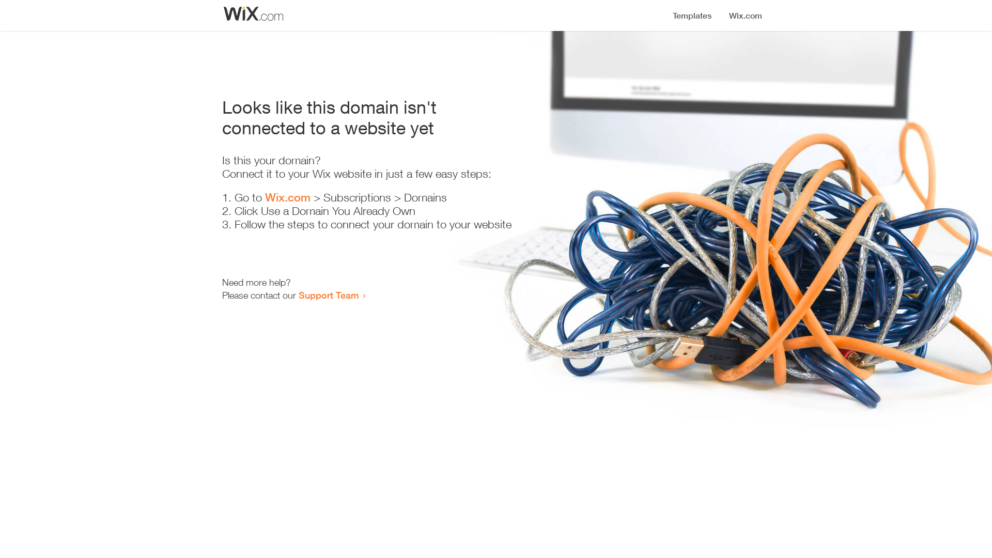 Image resolution: width=992 pixels, height=558 pixels. Describe the element at coordinates (328, 295) in the screenshot. I see `'Support Team'` at that location.